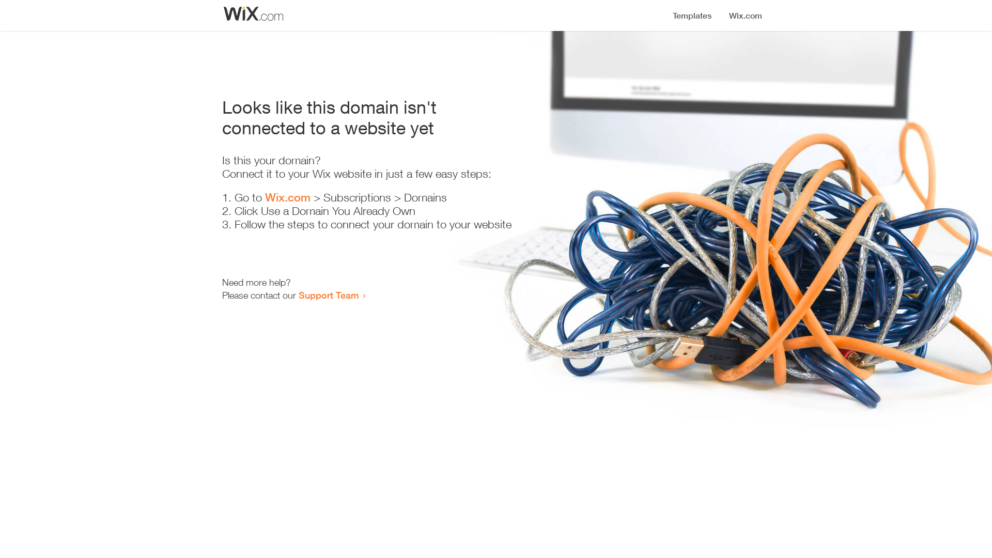 Image resolution: width=992 pixels, height=558 pixels. Describe the element at coordinates (328, 295) in the screenshot. I see `'Support Team'` at that location.